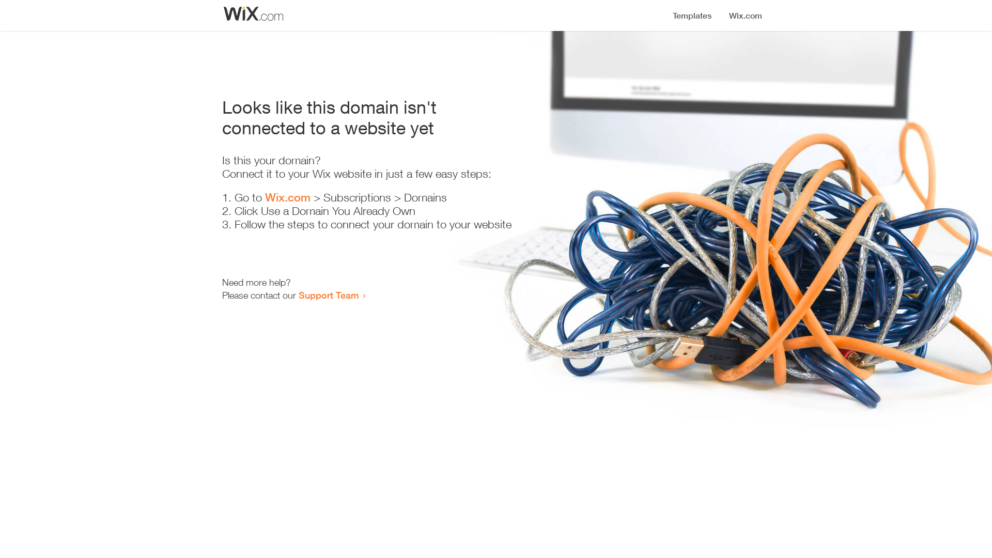 Image resolution: width=992 pixels, height=558 pixels. Describe the element at coordinates (328, 295) in the screenshot. I see `'Support Team'` at that location.